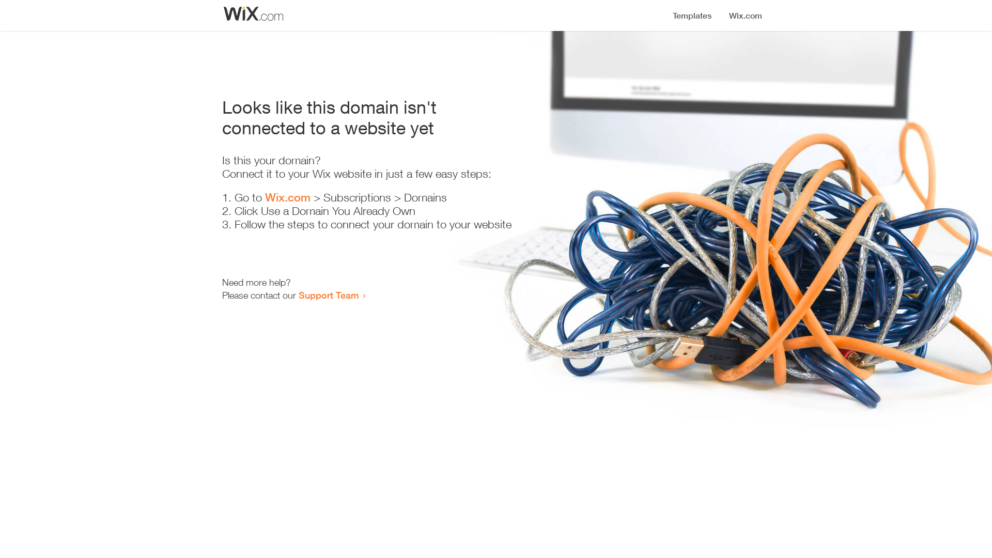 Image resolution: width=992 pixels, height=558 pixels. Describe the element at coordinates (328, 295) in the screenshot. I see `'Support Team'` at that location.